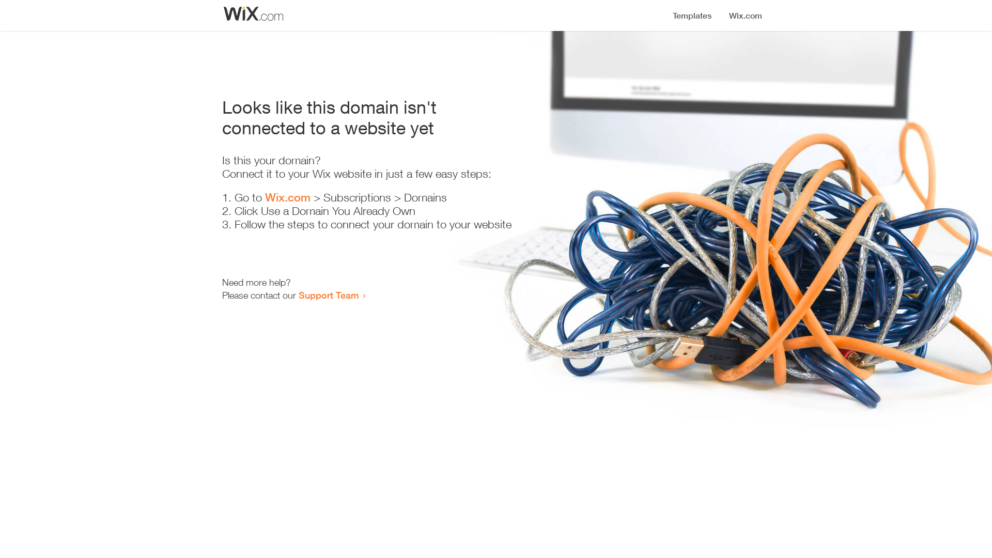 Image resolution: width=992 pixels, height=558 pixels. Describe the element at coordinates (328, 295) in the screenshot. I see `'Support Team'` at that location.